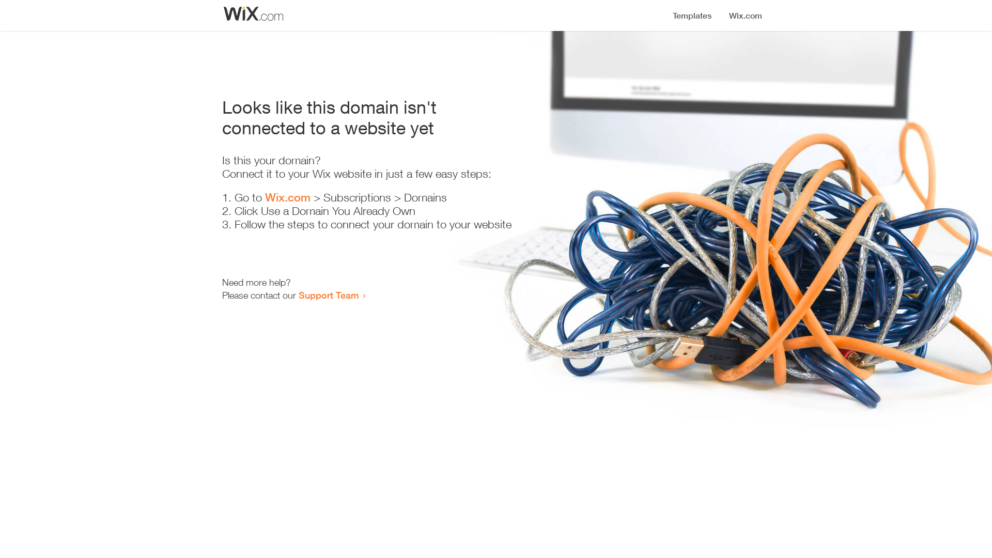 Image resolution: width=992 pixels, height=558 pixels. Describe the element at coordinates (328, 295) in the screenshot. I see `'Support Team'` at that location.